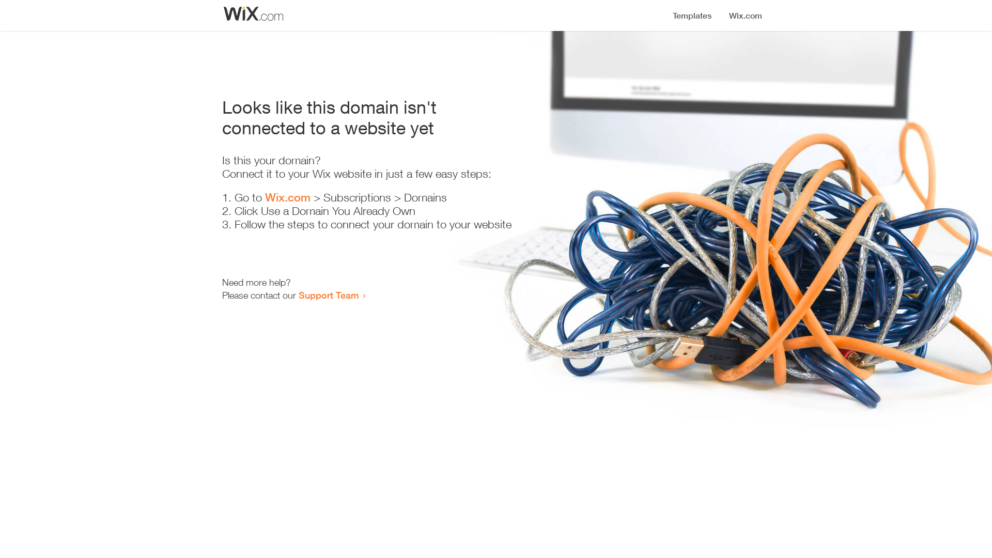 Image resolution: width=992 pixels, height=558 pixels. Describe the element at coordinates (328, 295) in the screenshot. I see `'Support Team'` at that location.